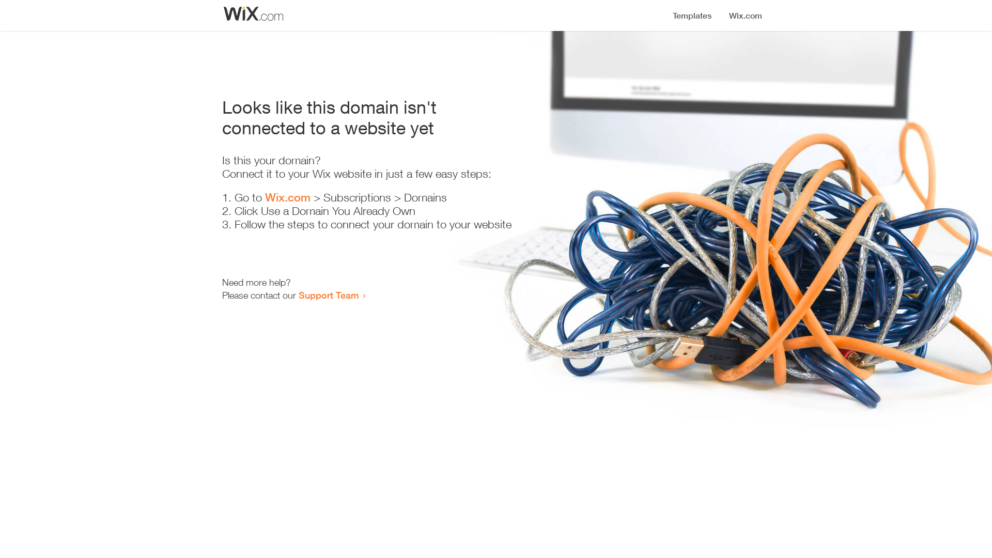 Image resolution: width=992 pixels, height=558 pixels. Describe the element at coordinates (328, 295) in the screenshot. I see `'Support Team'` at that location.